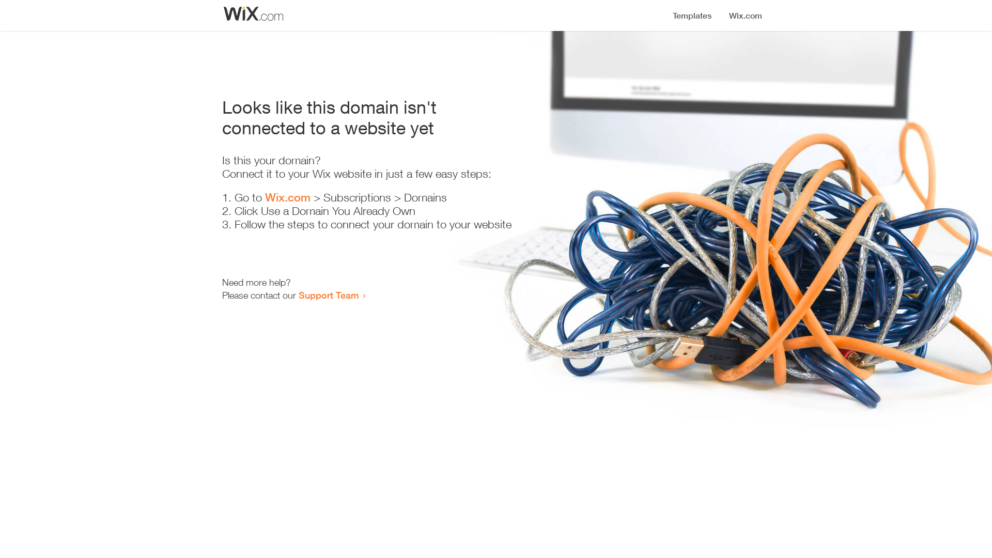 Image resolution: width=992 pixels, height=558 pixels. Describe the element at coordinates (328, 295) in the screenshot. I see `'Support Team'` at that location.